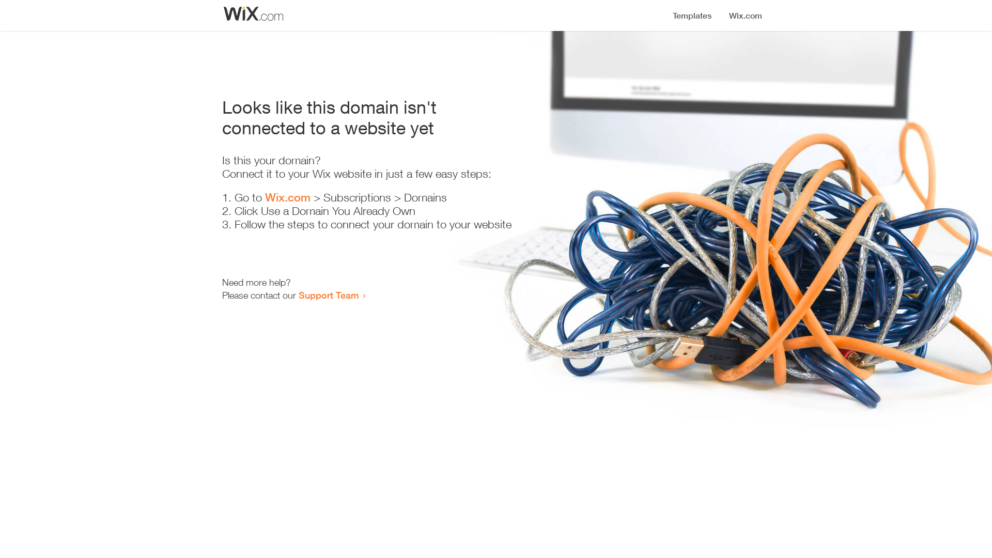 Image resolution: width=992 pixels, height=558 pixels. Describe the element at coordinates (328, 295) in the screenshot. I see `'Support Team'` at that location.